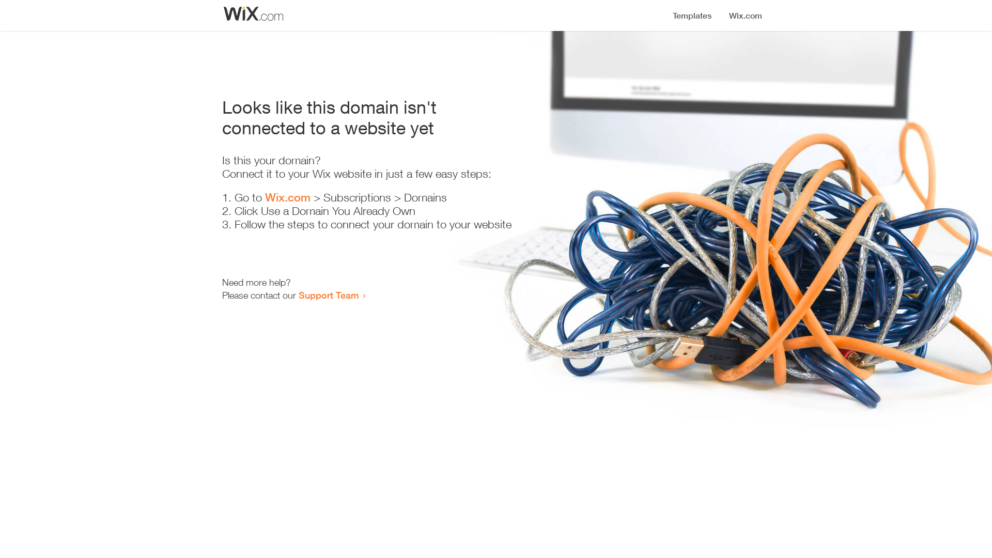 Image resolution: width=992 pixels, height=558 pixels. Describe the element at coordinates (328, 295) in the screenshot. I see `'Support Team'` at that location.